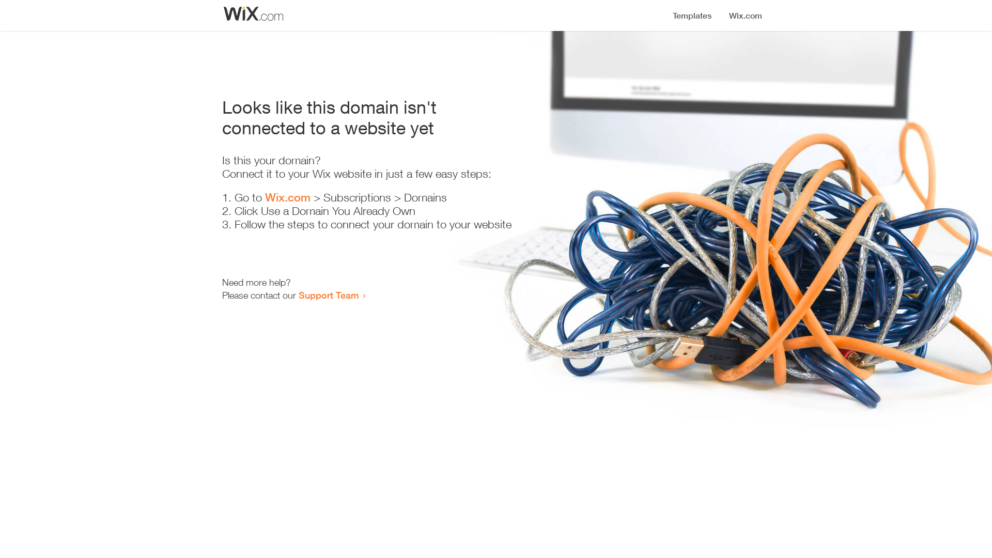 Image resolution: width=992 pixels, height=558 pixels. Describe the element at coordinates (328, 295) in the screenshot. I see `'Support Team'` at that location.